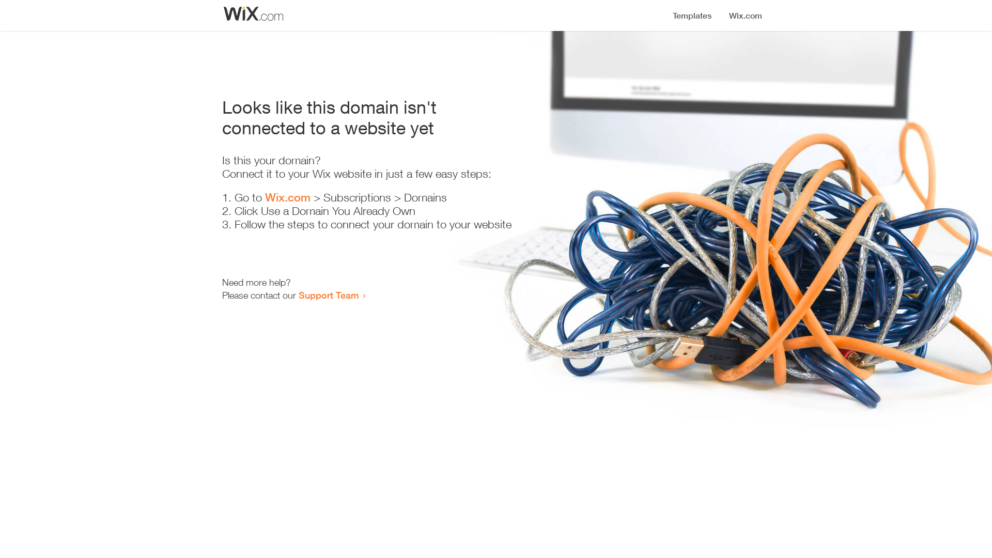 Image resolution: width=992 pixels, height=558 pixels. Describe the element at coordinates (328, 295) in the screenshot. I see `'Support Team'` at that location.